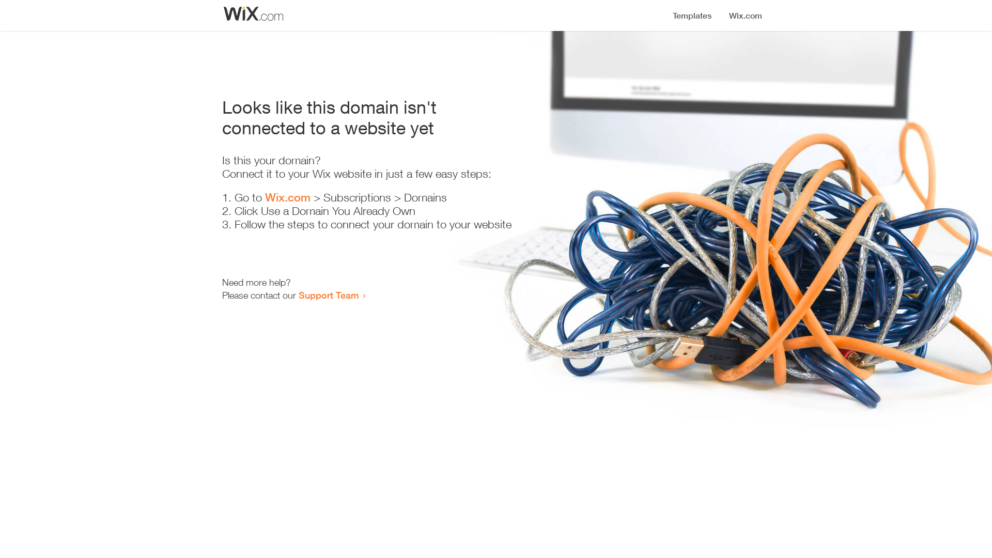 Image resolution: width=992 pixels, height=558 pixels. Describe the element at coordinates (328, 295) in the screenshot. I see `'Support Team'` at that location.